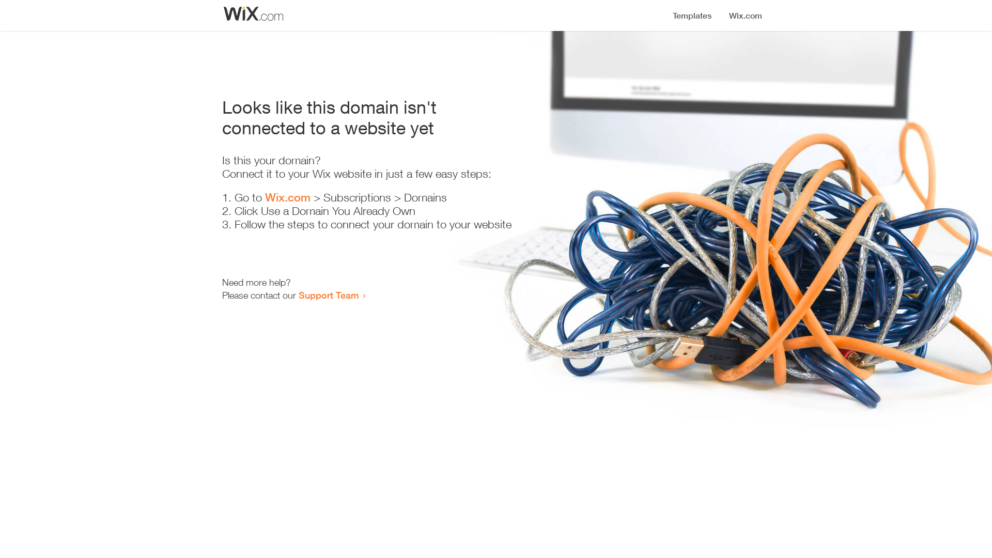 Image resolution: width=992 pixels, height=558 pixels. Describe the element at coordinates (328, 295) in the screenshot. I see `'Support Team'` at that location.